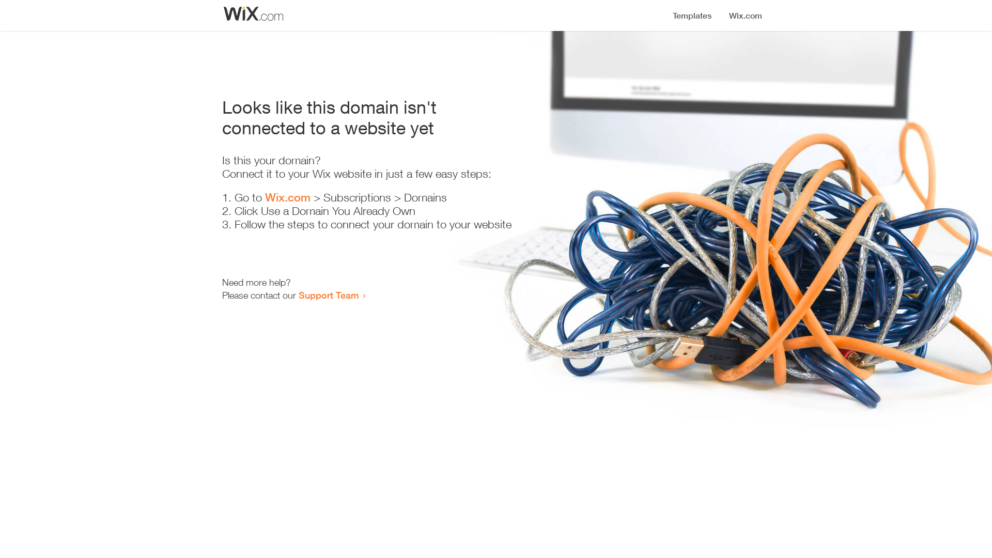 Image resolution: width=992 pixels, height=558 pixels. Describe the element at coordinates (328, 295) in the screenshot. I see `'Support Team'` at that location.